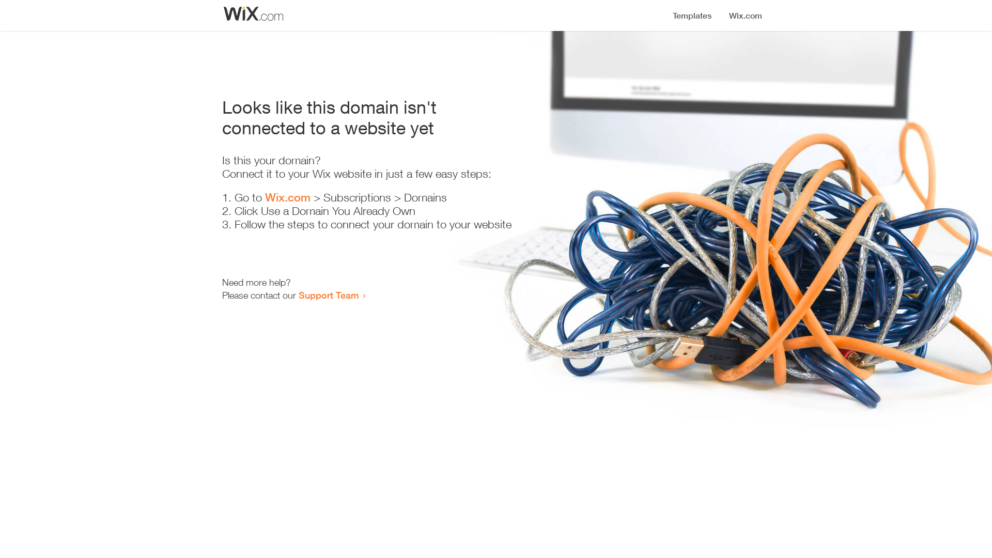 Image resolution: width=992 pixels, height=558 pixels. Describe the element at coordinates (328, 295) in the screenshot. I see `'Support Team'` at that location.